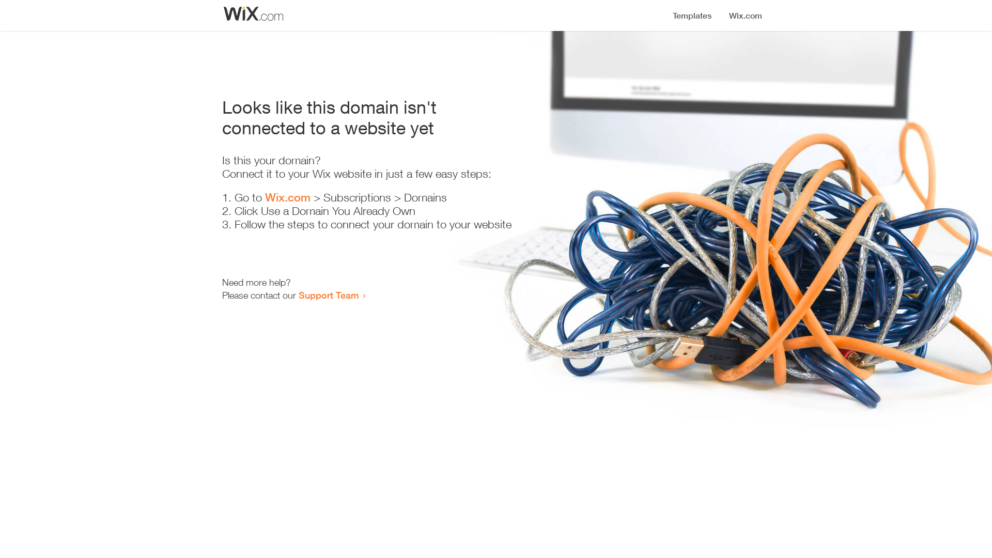 Image resolution: width=992 pixels, height=558 pixels. Describe the element at coordinates (328, 295) in the screenshot. I see `'Support Team'` at that location.